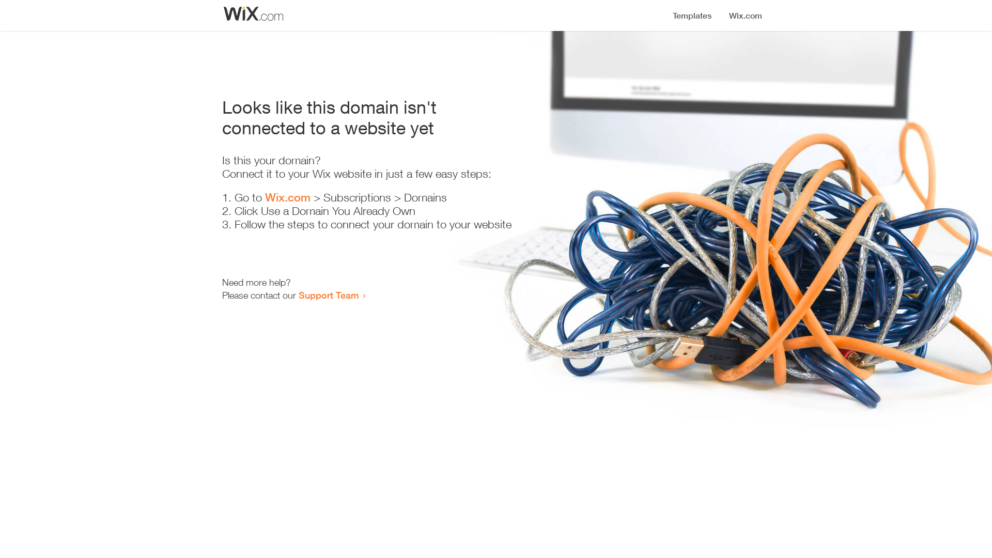 Image resolution: width=992 pixels, height=558 pixels. Describe the element at coordinates (328, 295) in the screenshot. I see `'Support Team'` at that location.